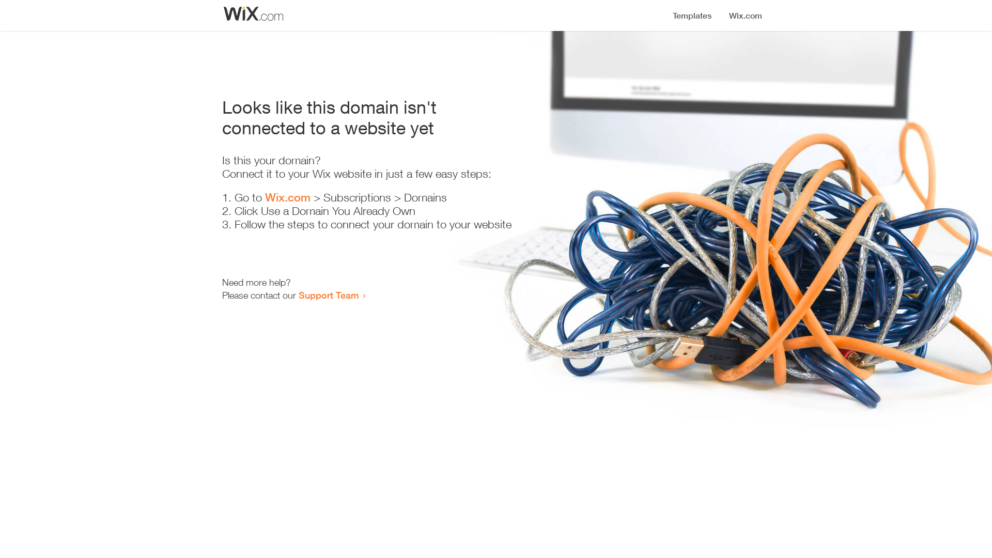 Image resolution: width=992 pixels, height=558 pixels. Describe the element at coordinates (328, 295) in the screenshot. I see `'Support Team'` at that location.